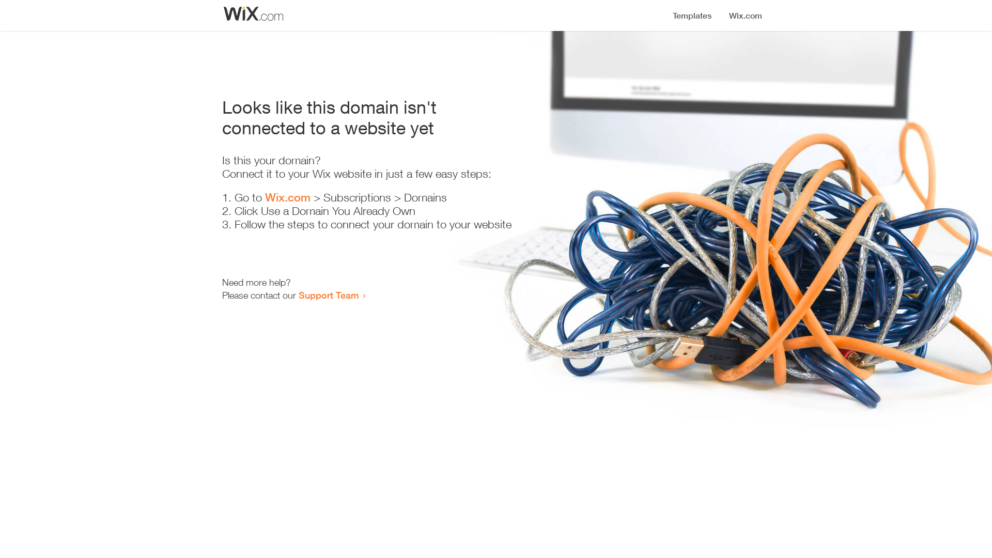 Image resolution: width=992 pixels, height=558 pixels. Describe the element at coordinates (328, 295) in the screenshot. I see `'Support Team'` at that location.